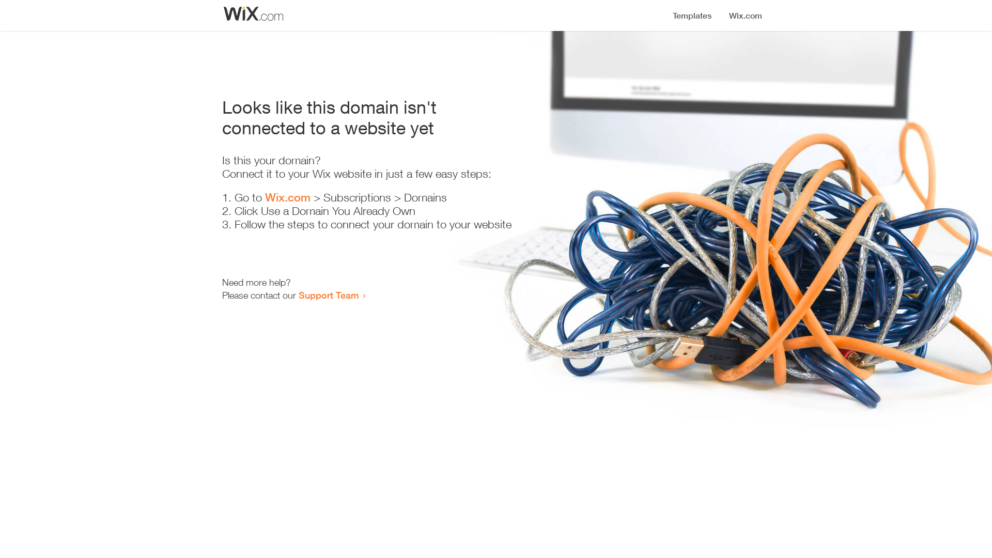 Image resolution: width=992 pixels, height=558 pixels. Describe the element at coordinates (328, 295) in the screenshot. I see `'Support Team'` at that location.